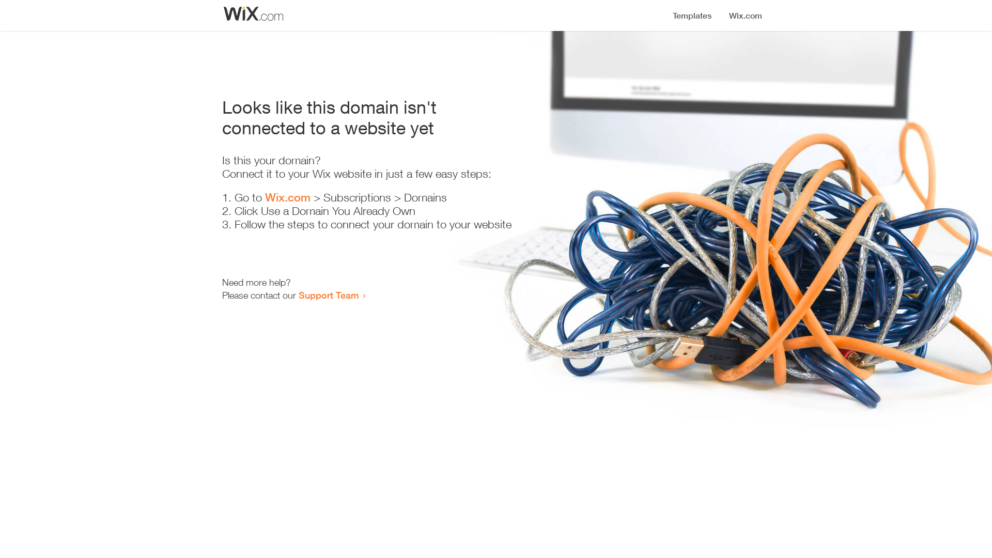 Image resolution: width=992 pixels, height=558 pixels. Describe the element at coordinates (328, 295) in the screenshot. I see `'Support Team'` at that location.